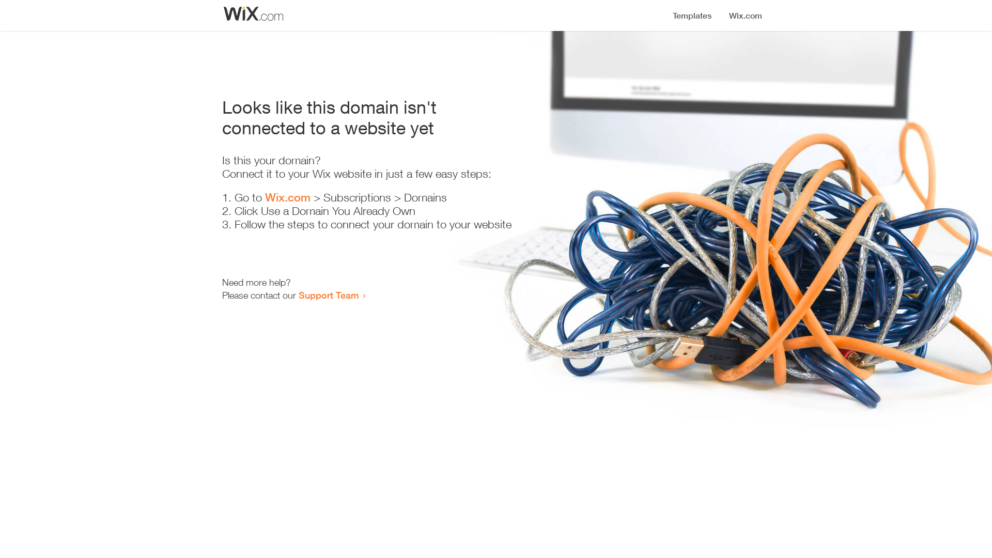 Image resolution: width=992 pixels, height=558 pixels. Describe the element at coordinates (328, 295) in the screenshot. I see `'Support Team'` at that location.